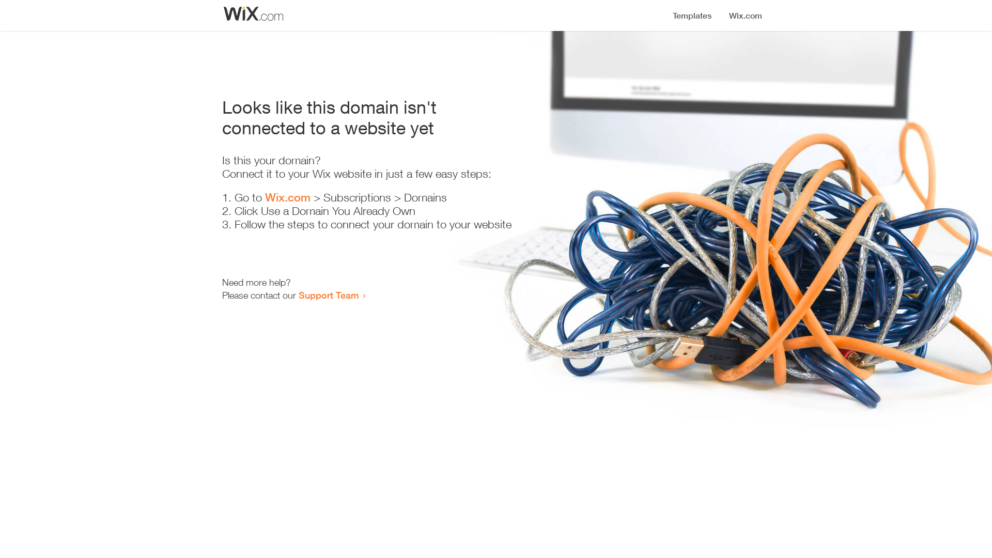 Image resolution: width=992 pixels, height=558 pixels. Describe the element at coordinates (328, 295) in the screenshot. I see `'Support Team'` at that location.